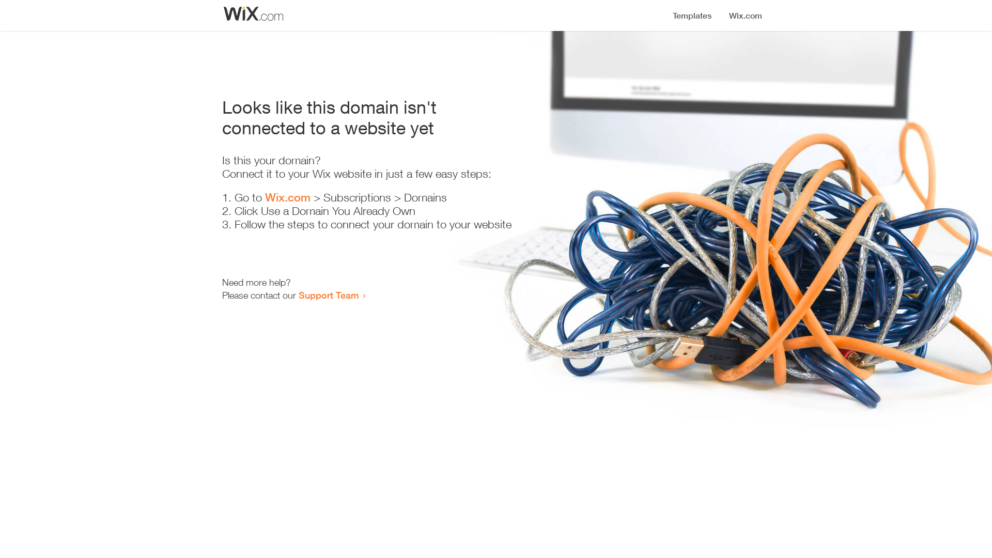 Image resolution: width=992 pixels, height=558 pixels. Describe the element at coordinates (328, 295) in the screenshot. I see `'Support Team'` at that location.